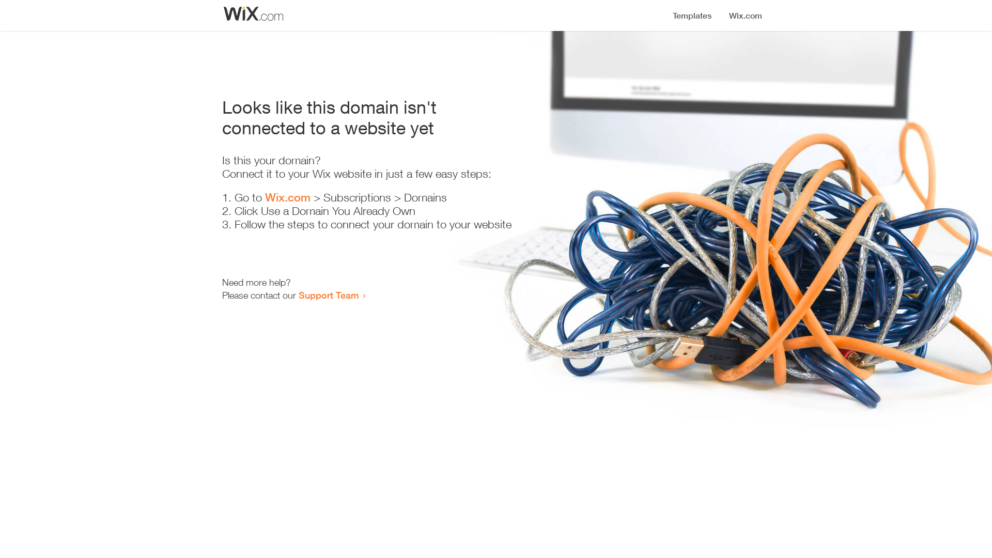 Image resolution: width=992 pixels, height=558 pixels. Describe the element at coordinates (328, 295) in the screenshot. I see `'Support Team'` at that location.